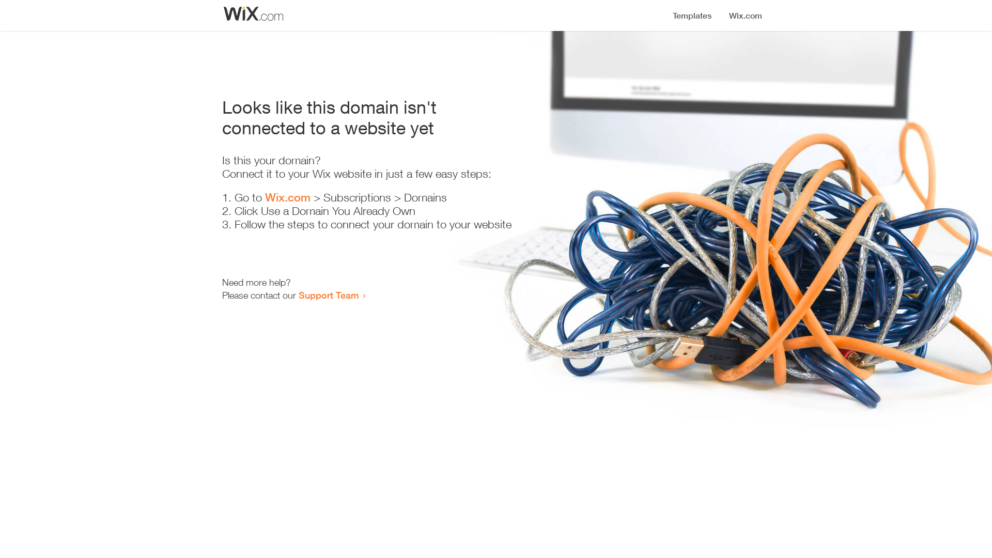 Image resolution: width=992 pixels, height=558 pixels. Describe the element at coordinates (328, 295) in the screenshot. I see `'Support Team'` at that location.